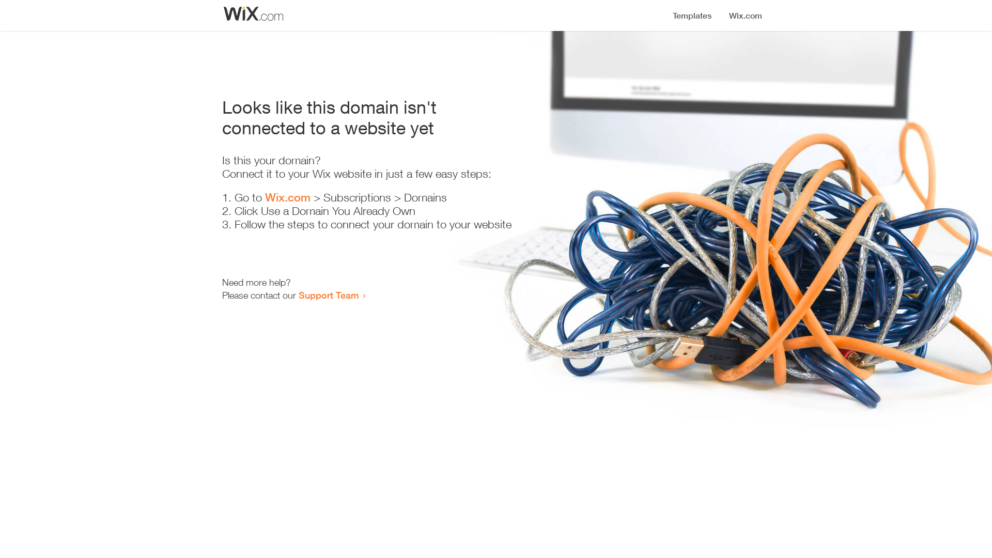 Image resolution: width=992 pixels, height=558 pixels. Describe the element at coordinates (328, 295) in the screenshot. I see `'Support Team'` at that location.